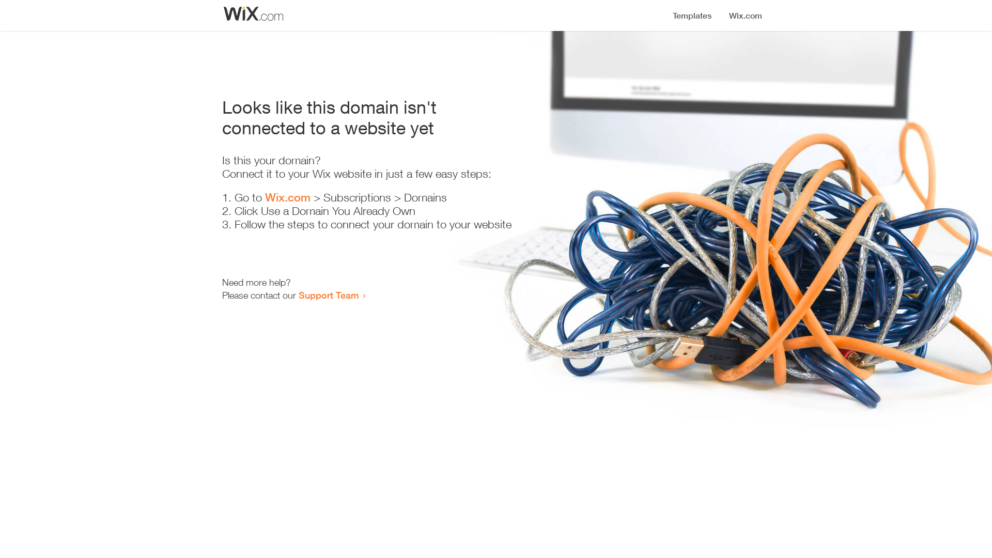 Image resolution: width=992 pixels, height=558 pixels. Describe the element at coordinates (328, 295) in the screenshot. I see `'Support Team'` at that location.